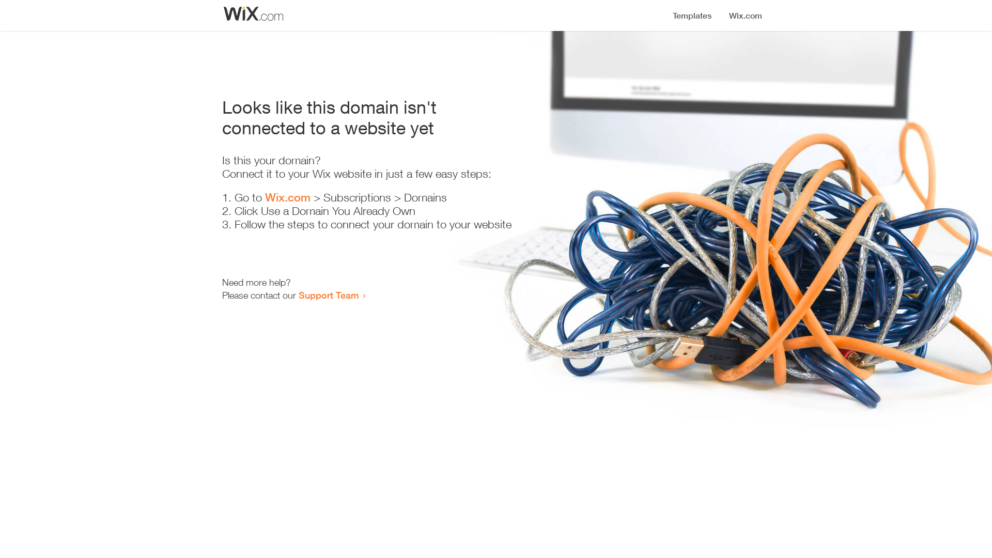 Image resolution: width=992 pixels, height=558 pixels. Describe the element at coordinates (328, 295) in the screenshot. I see `'Support Team'` at that location.